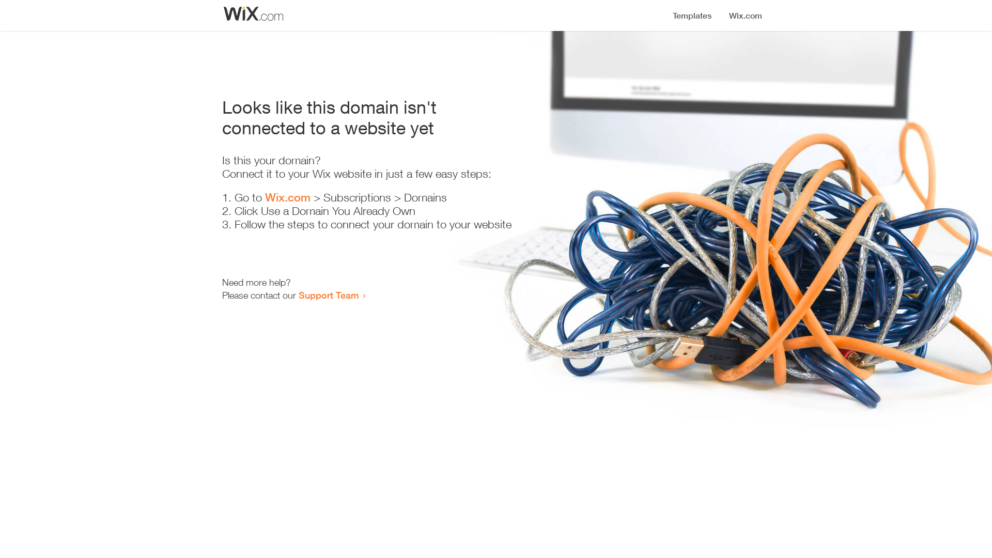 Image resolution: width=992 pixels, height=558 pixels. Describe the element at coordinates (328, 295) in the screenshot. I see `'Support Team'` at that location.